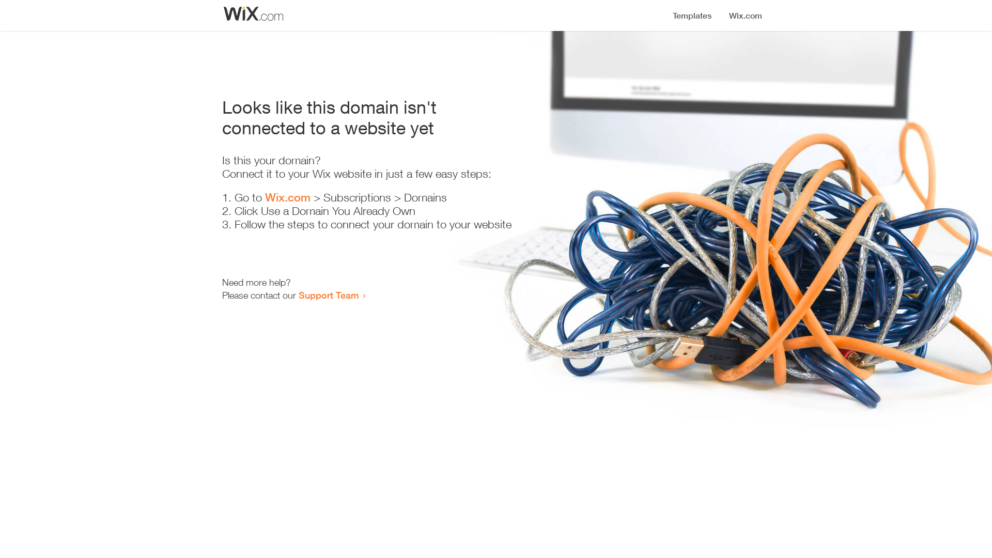 Image resolution: width=992 pixels, height=558 pixels. Describe the element at coordinates (328, 295) in the screenshot. I see `'Support Team'` at that location.